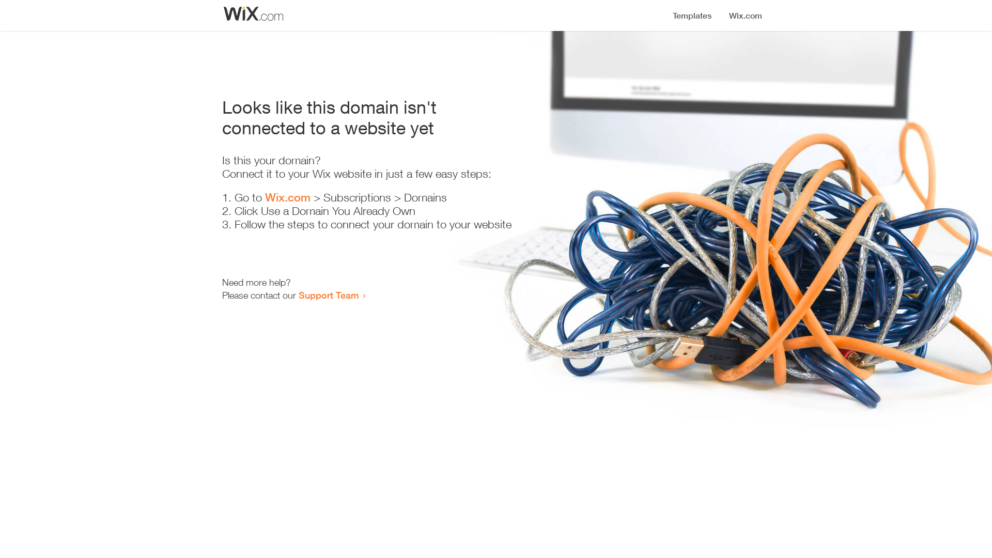 Image resolution: width=992 pixels, height=558 pixels. Describe the element at coordinates (328, 295) in the screenshot. I see `'Support Team'` at that location.